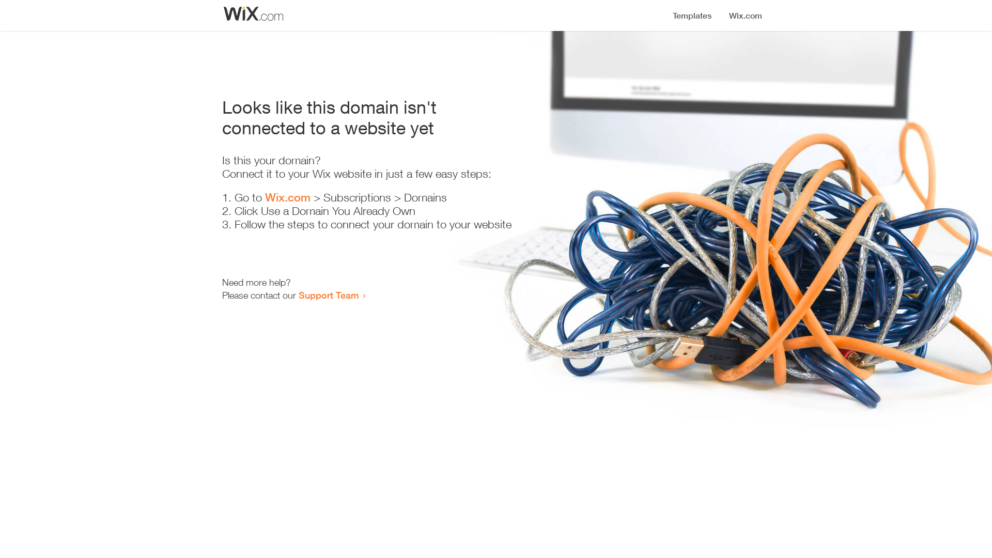 Image resolution: width=992 pixels, height=558 pixels. Describe the element at coordinates (328, 295) in the screenshot. I see `'Support Team'` at that location.